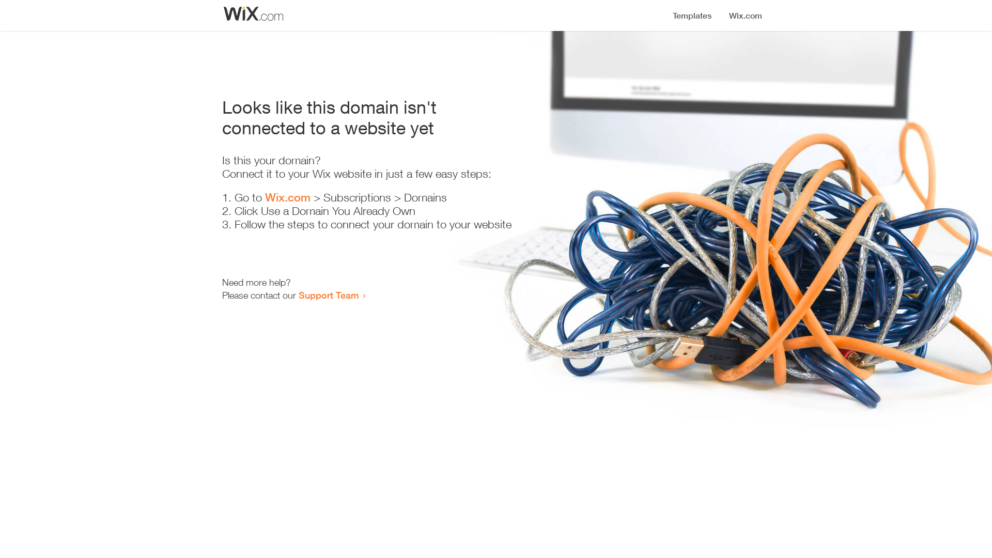 Image resolution: width=992 pixels, height=558 pixels. Describe the element at coordinates (328, 295) in the screenshot. I see `'Support Team'` at that location.